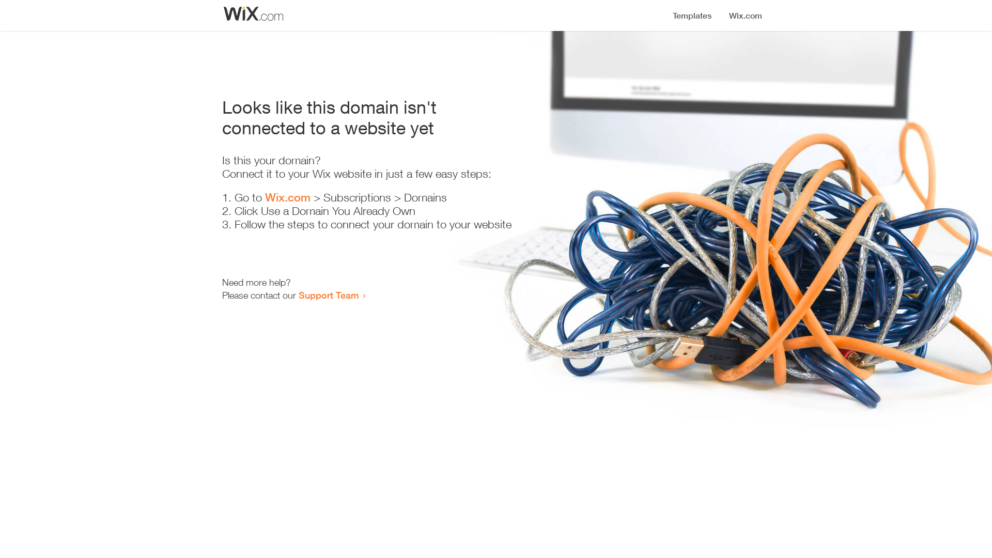 Image resolution: width=992 pixels, height=558 pixels. Describe the element at coordinates (328, 295) in the screenshot. I see `'Support Team'` at that location.